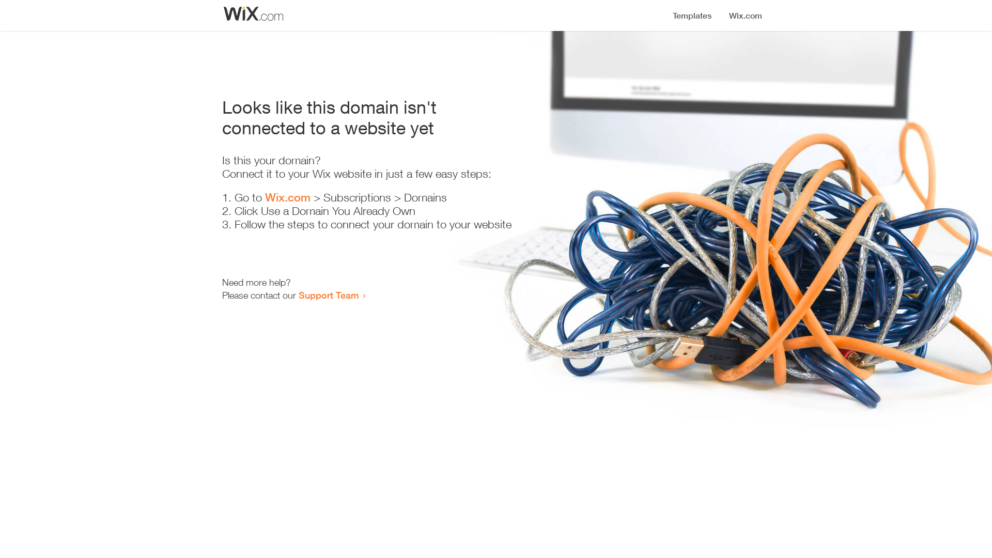 Image resolution: width=992 pixels, height=558 pixels. Describe the element at coordinates (328, 295) in the screenshot. I see `'Support Team'` at that location.